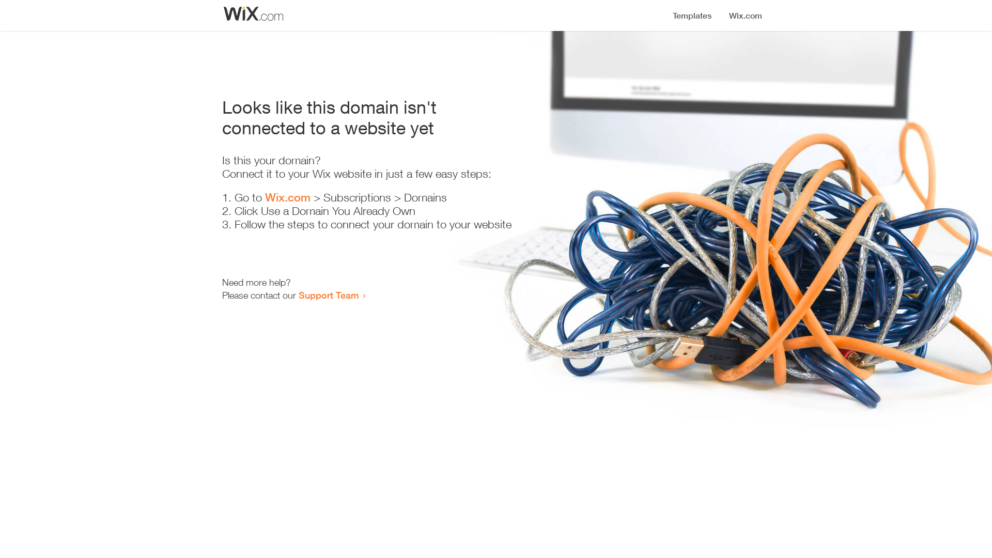 Image resolution: width=992 pixels, height=558 pixels. Describe the element at coordinates (328, 295) in the screenshot. I see `'Support Team'` at that location.